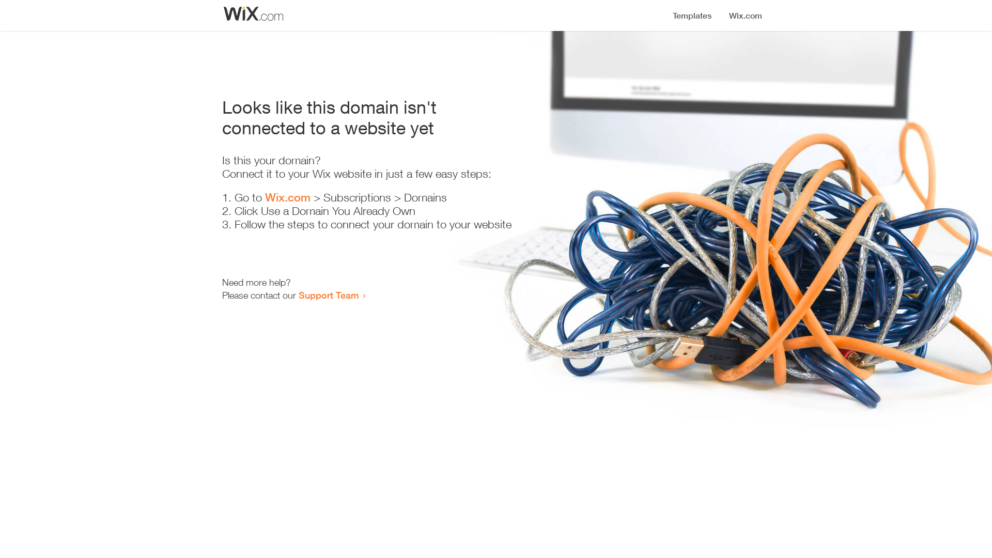 Image resolution: width=992 pixels, height=558 pixels. Describe the element at coordinates (328, 295) in the screenshot. I see `'Support Team'` at that location.